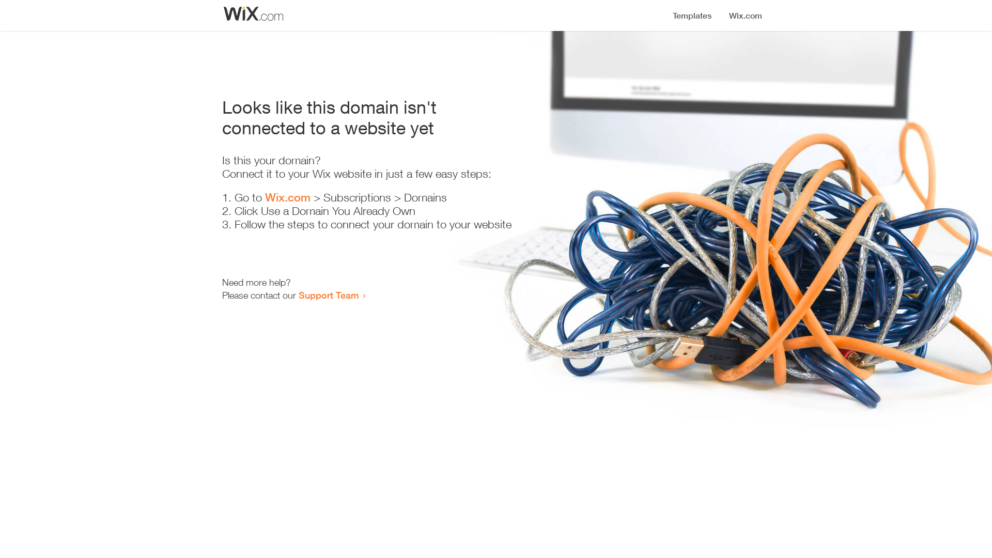 Image resolution: width=992 pixels, height=558 pixels. Describe the element at coordinates (328, 295) in the screenshot. I see `'Support Team'` at that location.